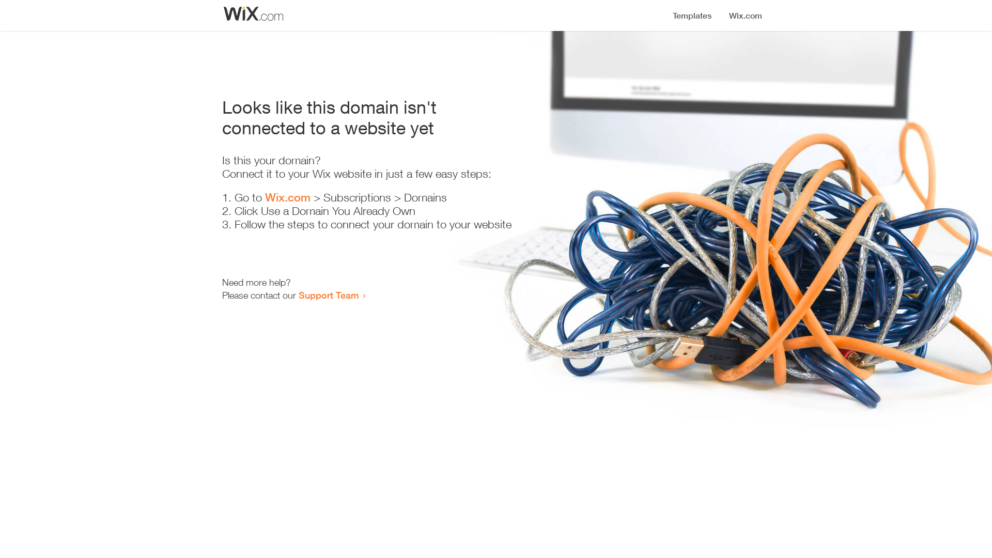 Image resolution: width=992 pixels, height=558 pixels. Describe the element at coordinates (328, 295) in the screenshot. I see `'Support Team'` at that location.